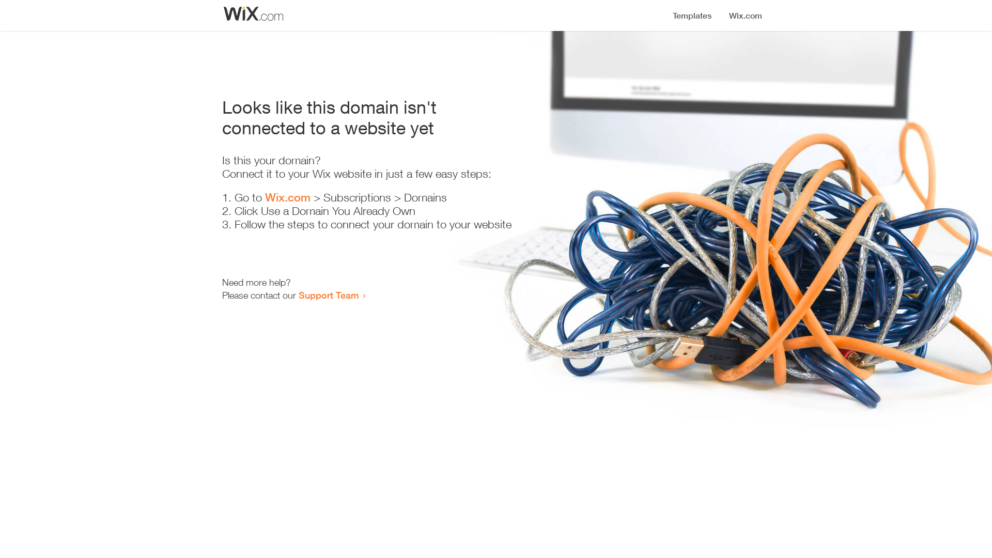 Image resolution: width=992 pixels, height=558 pixels. Describe the element at coordinates (328, 295) in the screenshot. I see `'Support Team'` at that location.